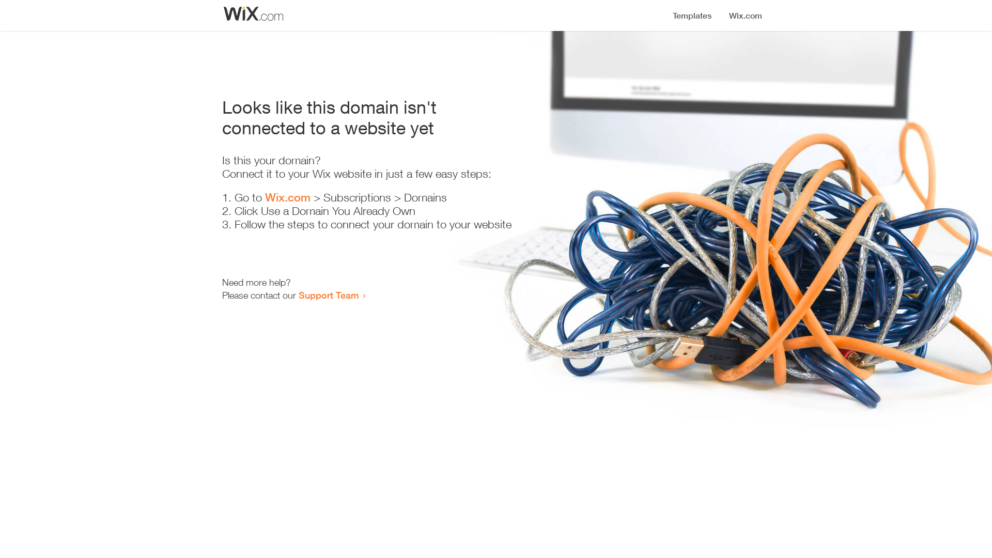 Image resolution: width=992 pixels, height=558 pixels. Describe the element at coordinates (328, 295) in the screenshot. I see `'Support Team'` at that location.